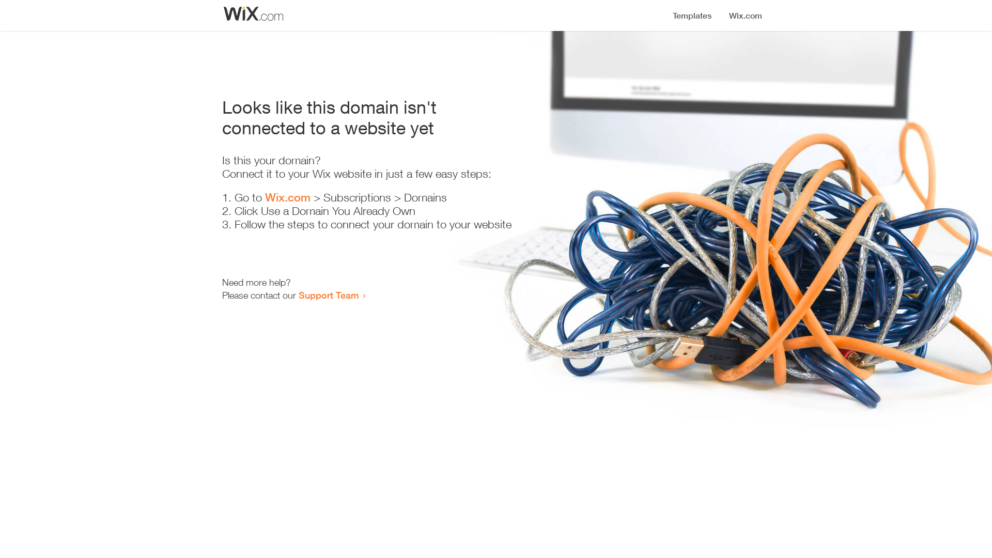 Image resolution: width=992 pixels, height=558 pixels. Describe the element at coordinates (328, 295) in the screenshot. I see `'Support Team'` at that location.